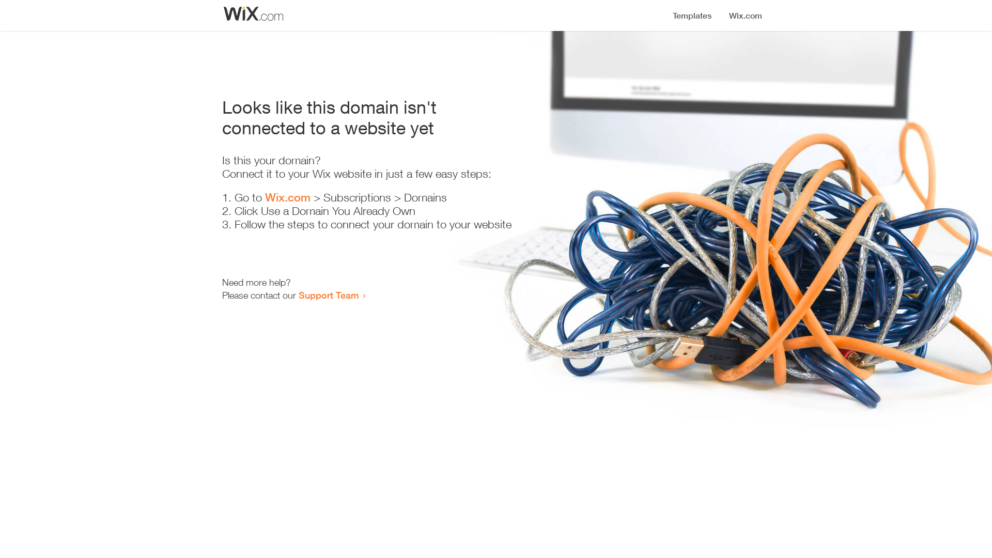 Image resolution: width=992 pixels, height=558 pixels. Describe the element at coordinates (328, 295) in the screenshot. I see `'Support Team'` at that location.